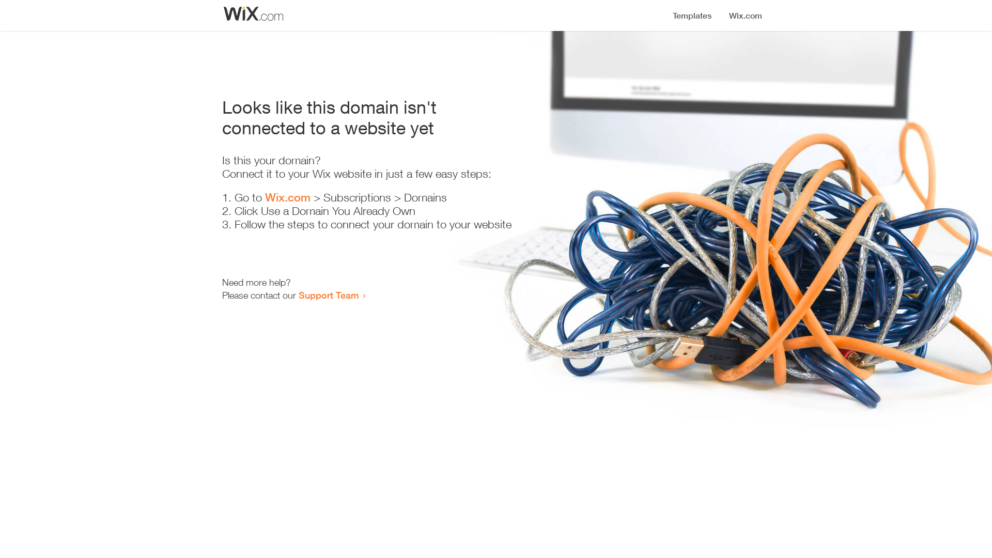 Image resolution: width=992 pixels, height=558 pixels. Describe the element at coordinates (328, 295) in the screenshot. I see `'Support Team'` at that location.